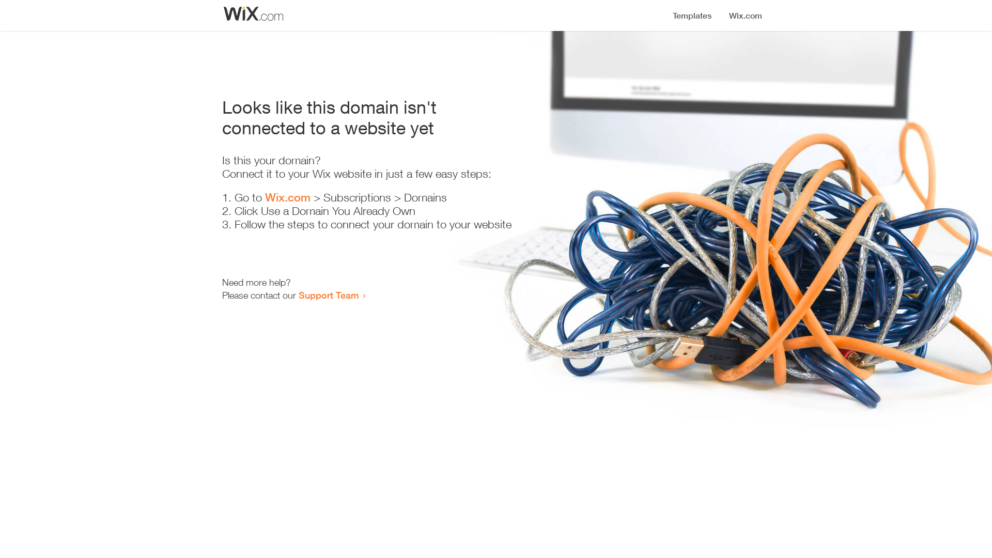 Image resolution: width=992 pixels, height=558 pixels. Describe the element at coordinates (328, 295) in the screenshot. I see `'Support Team'` at that location.